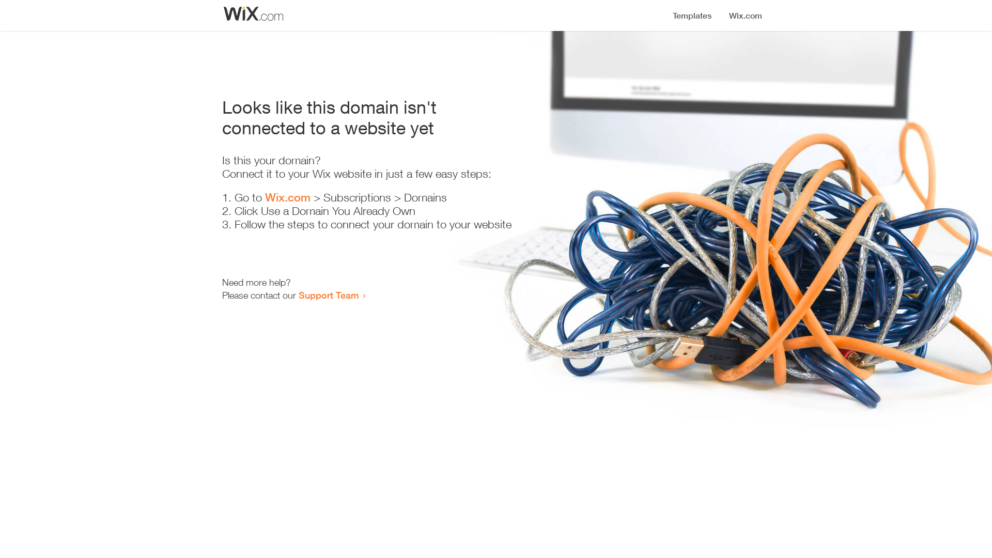 Image resolution: width=992 pixels, height=558 pixels. Describe the element at coordinates (328, 295) in the screenshot. I see `'Support Team'` at that location.